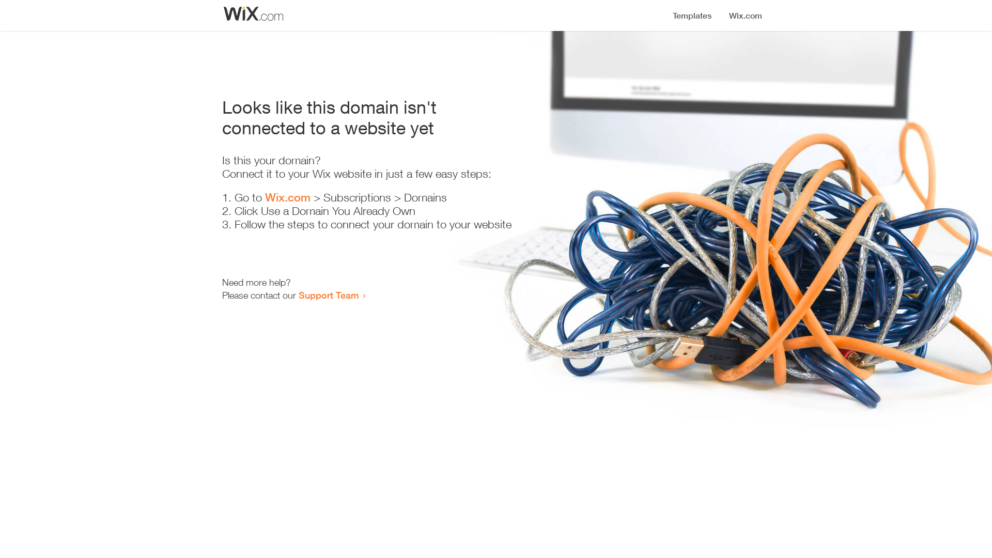 Image resolution: width=992 pixels, height=558 pixels. Describe the element at coordinates (328, 295) in the screenshot. I see `'Support Team'` at that location.